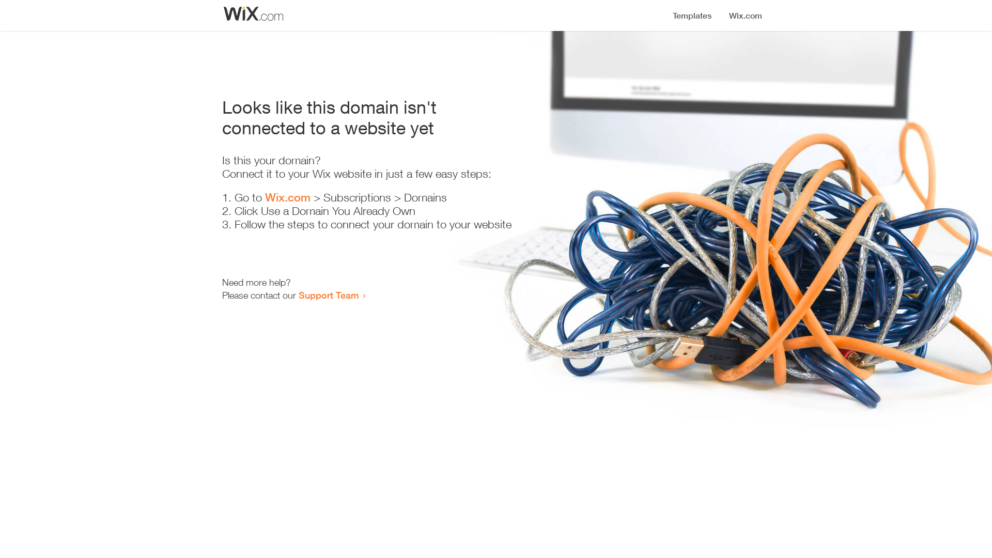 Image resolution: width=992 pixels, height=558 pixels. Describe the element at coordinates (328, 295) in the screenshot. I see `'Support Team'` at that location.